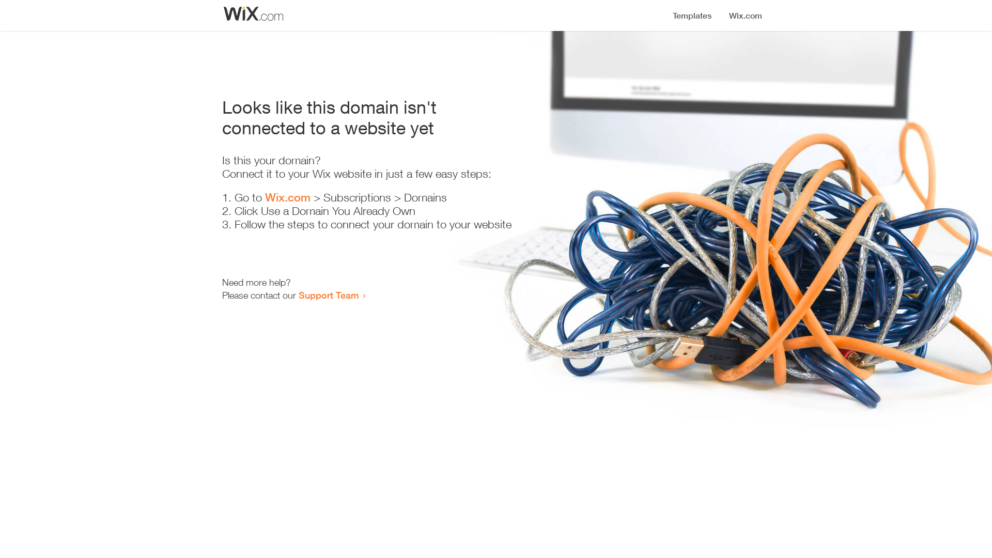 Image resolution: width=992 pixels, height=558 pixels. Describe the element at coordinates (328, 295) in the screenshot. I see `'Support Team'` at that location.